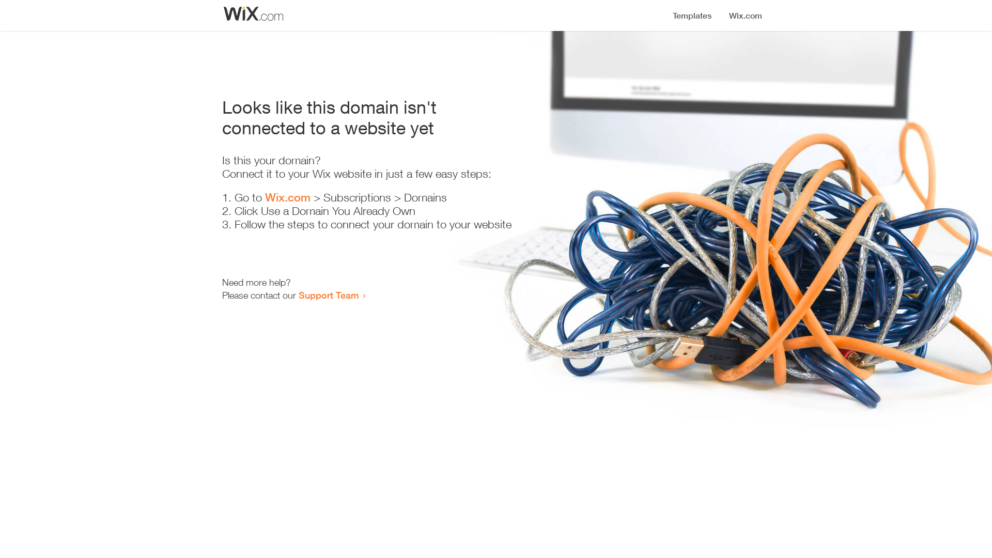 Image resolution: width=992 pixels, height=558 pixels. Describe the element at coordinates (328, 295) in the screenshot. I see `'Support Team'` at that location.